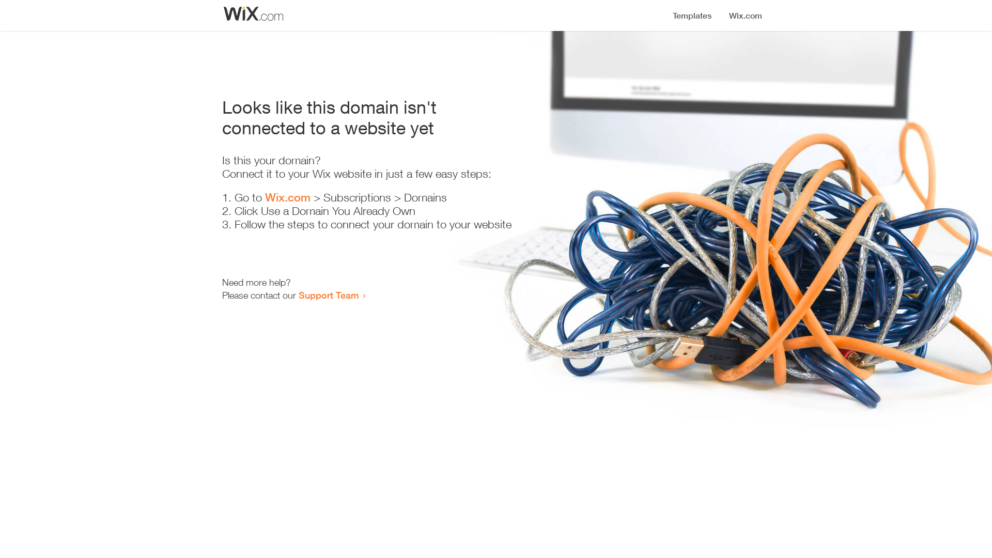 Image resolution: width=992 pixels, height=558 pixels. Describe the element at coordinates (328, 295) in the screenshot. I see `'Support Team'` at that location.